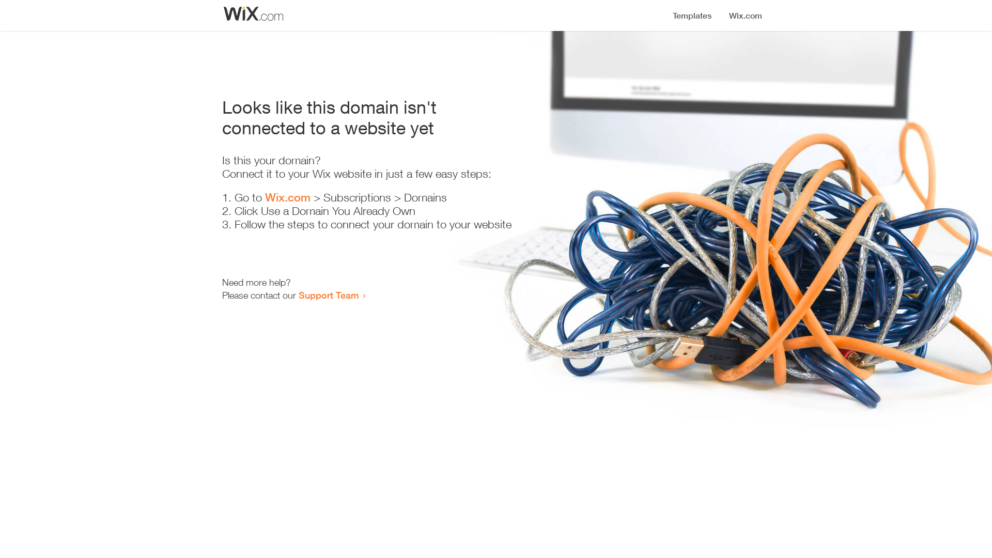 Image resolution: width=992 pixels, height=558 pixels. Describe the element at coordinates (328, 295) in the screenshot. I see `'Support Team'` at that location.